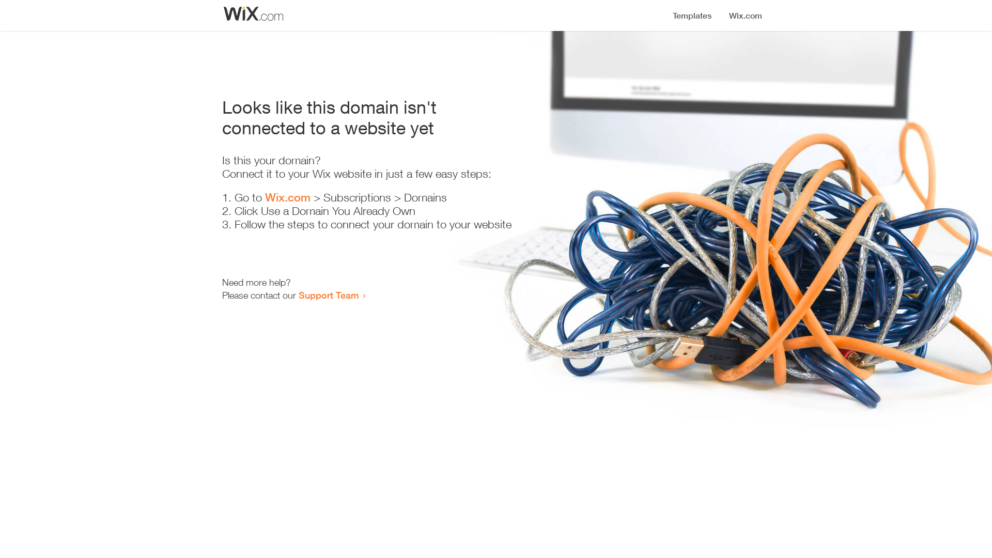 Image resolution: width=992 pixels, height=558 pixels. Describe the element at coordinates (328, 295) in the screenshot. I see `'Support Team'` at that location.